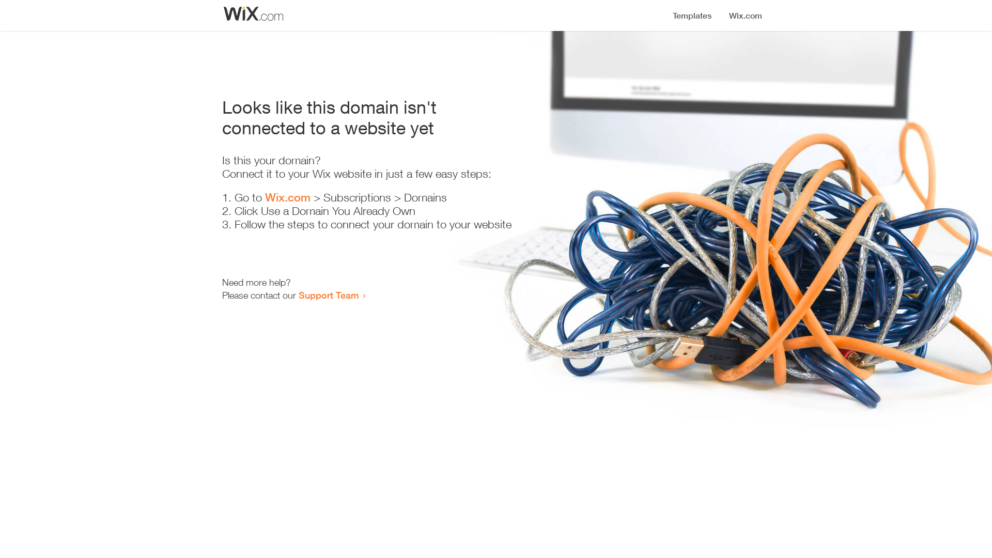 Image resolution: width=992 pixels, height=558 pixels. Describe the element at coordinates (328, 295) in the screenshot. I see `'Support Team'` at that location.